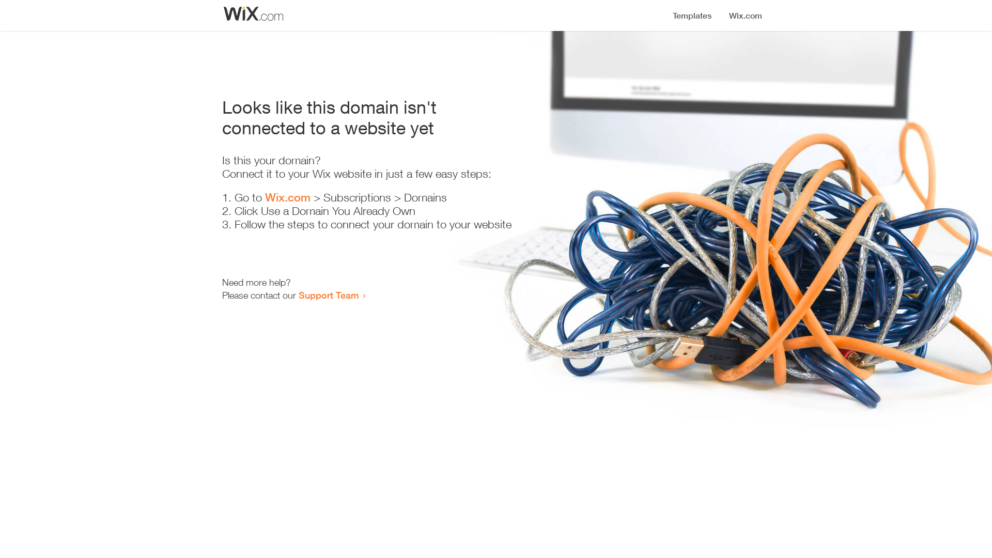 Image resolution: width=992 pixels, height=558 pixels. Describe the element at coordinates (328, 295) in the screenshot. I see `'Support Team'` at that location.